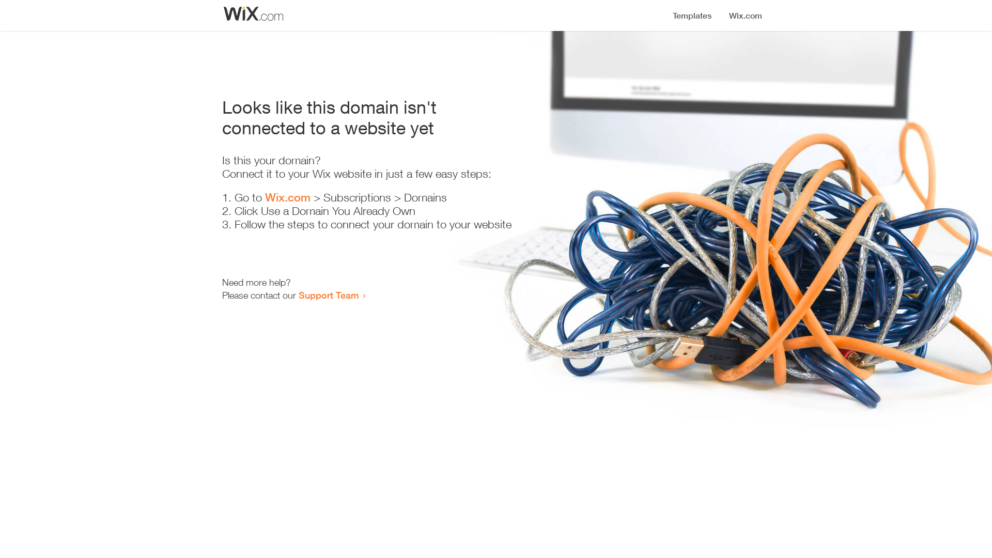 Image resolution: width=992 pixels, height=558 pixels. Describe the element at coordinates (328, 295) in the screenshot. I see `'Support Team'` at that location.